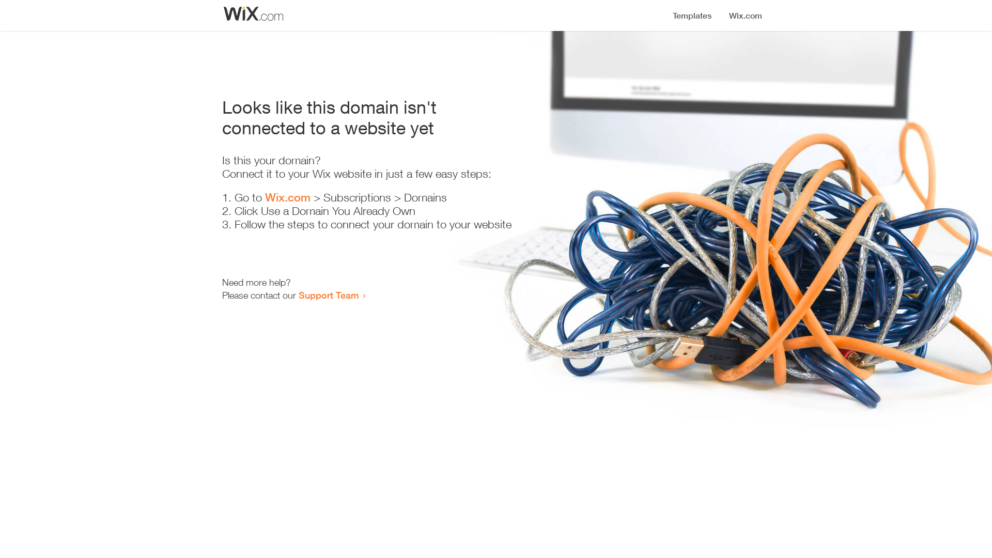 Image resolution: width=992 pixels, height=558 pixels. Describe the element at coordinates (328, 295) in the screenshot. I see `'Support Team'` at that location.